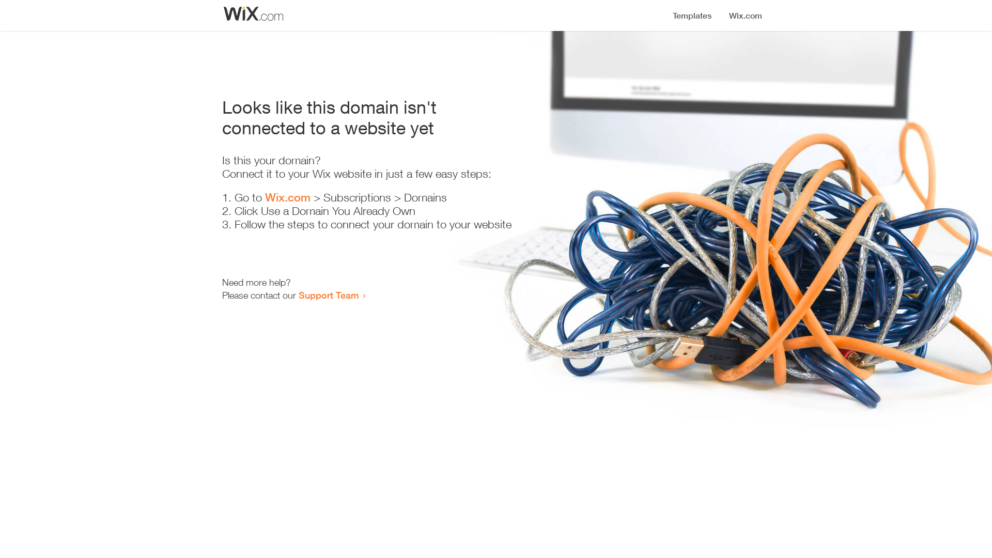 Image resolution: width=992 pixels, height=558 pixels. Describe the element at coordinates (328, 295) in the screenshot. I see `'Support Team'` at that location.